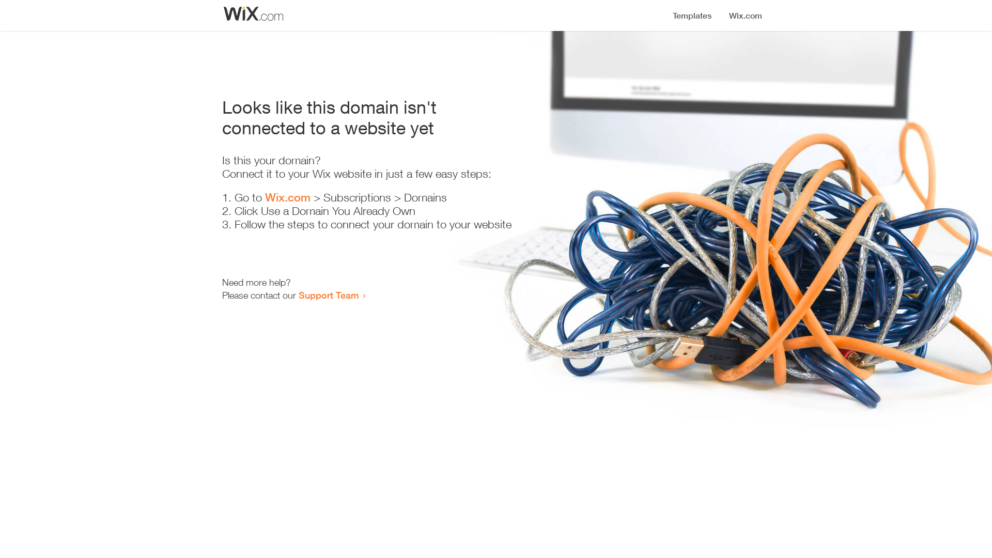 Image resolution: width=992 pixels, height=558 pixels. Describe the element at coordinates (328, 295) in the screenshot. I see `'Support Team'` at that location.